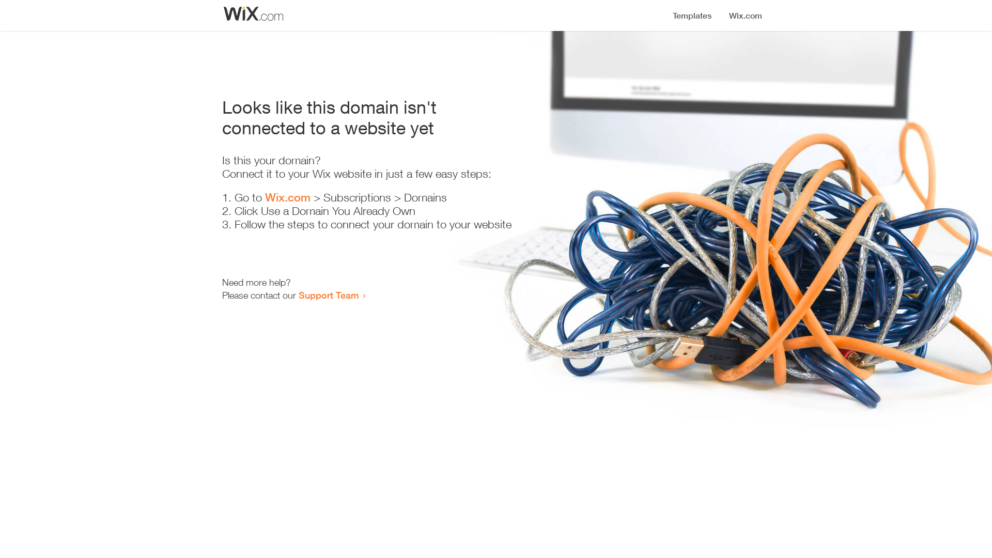 Image resolution: width=992 pixels, height=558 pixels. Describe the element at coordinates (328, 295) in the screenshot. I see `'Support Team'` at that location.